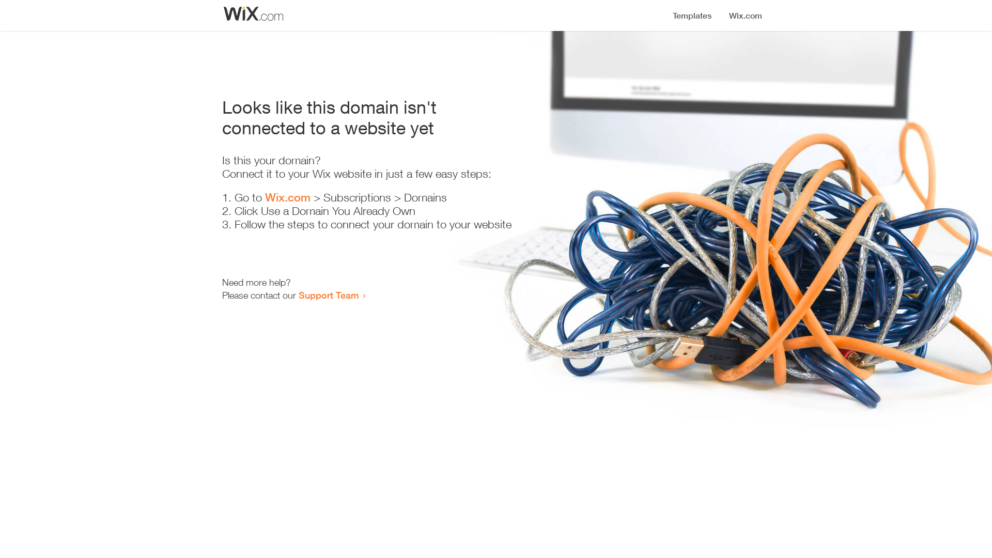 Image resolution: width=992 pixels, height=558 pixels. Describe the element at coordinates (328, 295) in the screenshot. I see `'Support Team'` at that location.